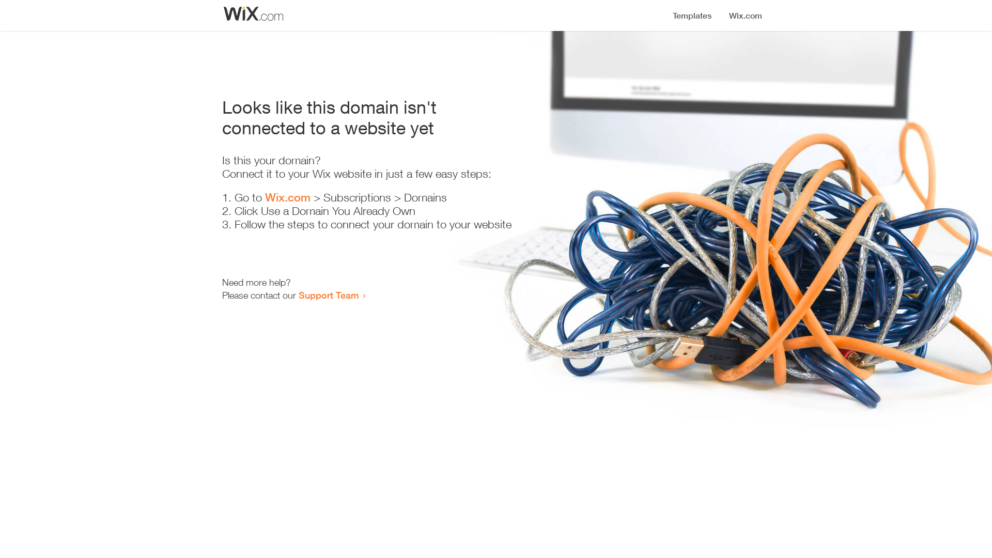 Image resolution: width=992 pixels, height=558 pixels. Describe the element at coordinates (328, 295) in the screenshot. I see `'Support Team'` at that location.